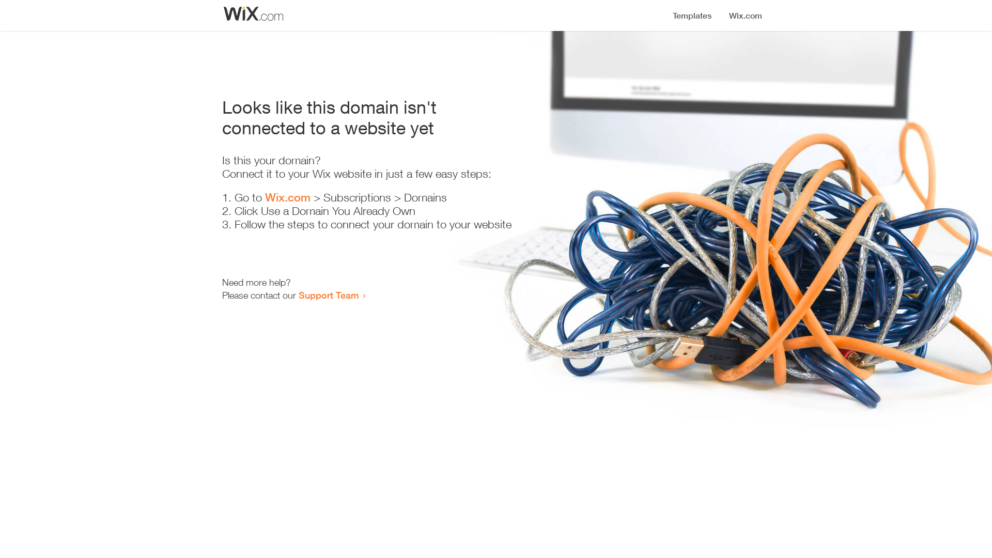 Image resolution: width=992 pixels, height=558 pixels. Describe the element at coordinates (328, 295) in the screenshot. I see `'Support Team'` at that location.